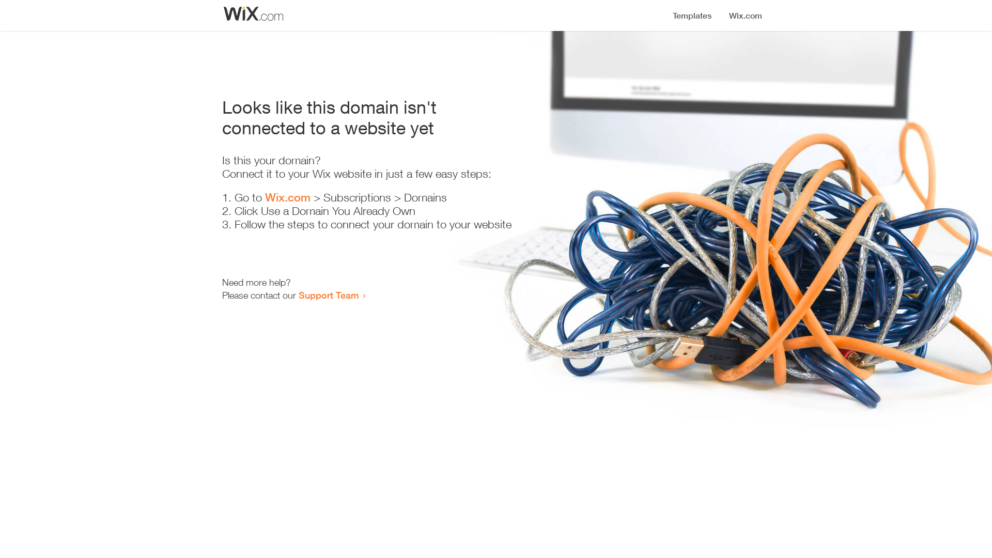 Image resolution: width=992 pixels, height=558 pixels. Describe the element at coordinates (328, 295) in the screenshot. I see `'Support Team'` at that location.